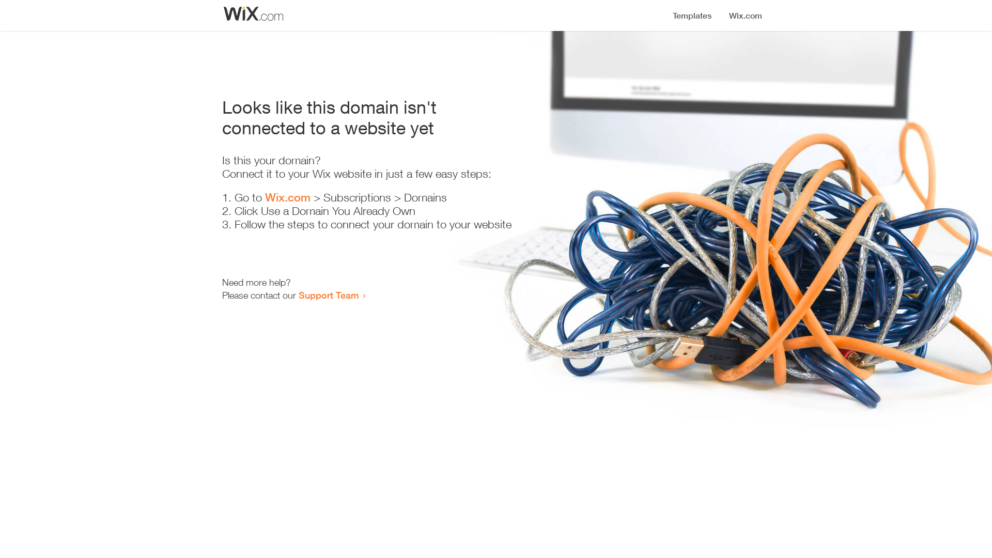 Image resolution: width=992 pixels, height=558 pixels. Describe the element at coordinates (328, 295) in the screenshot. I see `'Support Team'` at that location.